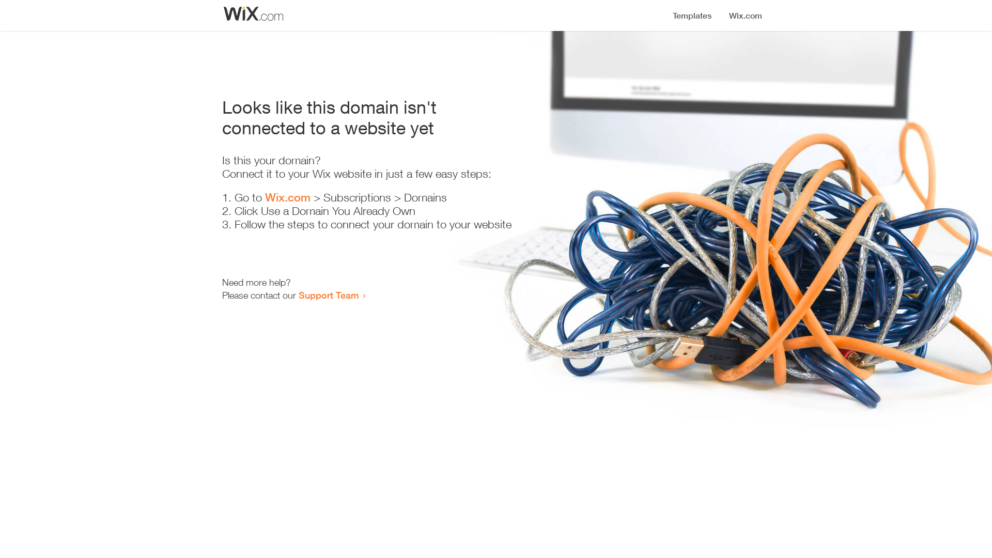 Image resolution: width=992 pixels, height=558 pixels. Describe the element at coordinates (328, 295) in the screenshot. I see `'Support Team'` at that location.